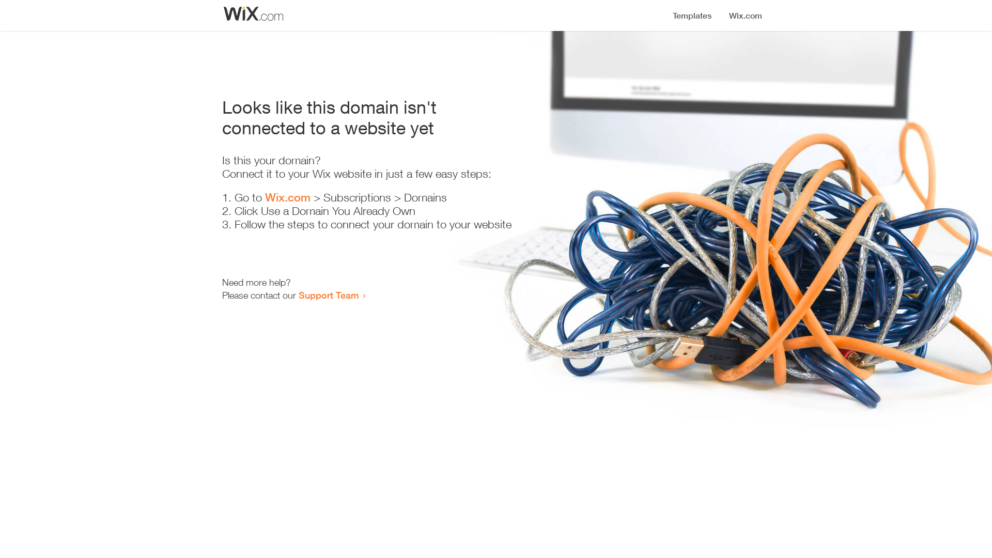 Image resolution: width=992 pixels, height=558 pixels. Describe the element at coordinates (328, 295) in the screenshot. I see `'Support Team'` at that location.